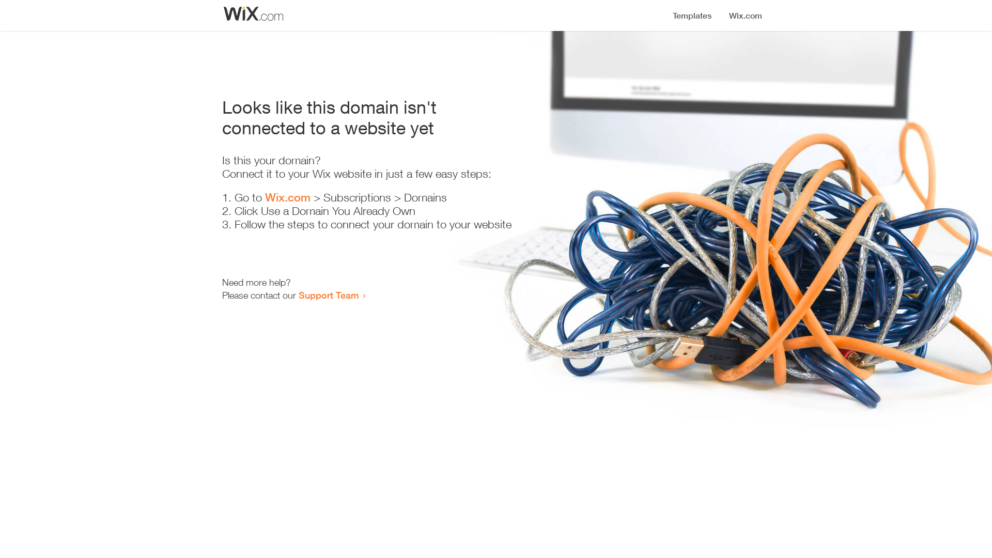 Image resolution: width=992 pixels, height=558 pixels. Describe the element at coordinates (328, 295) in the screenshot. I see `'Support Team'` at that location.